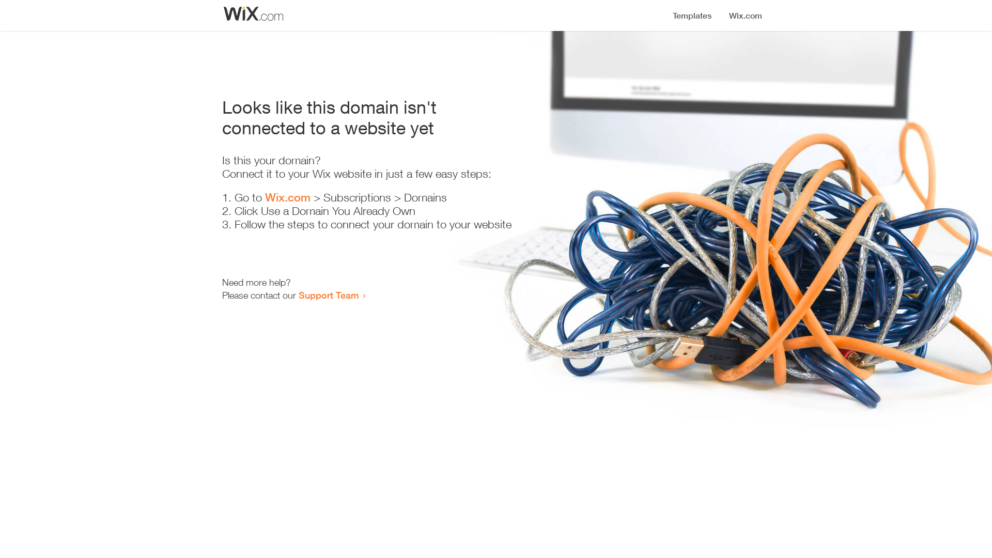 Image resolution: width=992 pixels, height=558 pixels. Describe the element at coordinates (328, 295) in the screenshot. I see `'Support Team'` at that location.